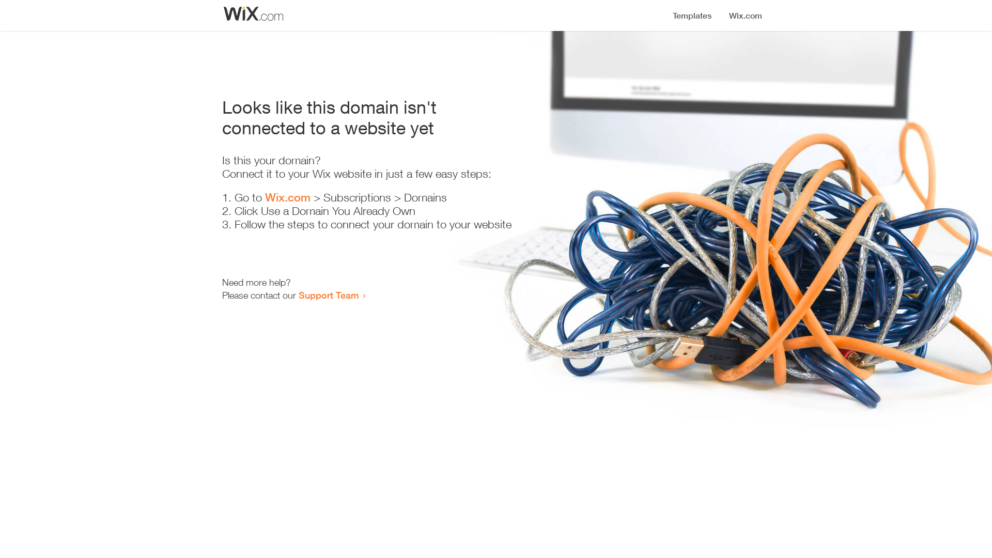 Image resolution: width=992 pixels, height=558 pixels. Describe the element at coordinates (328, 295) in the screenshot. I see `'Support Team'` at that location.